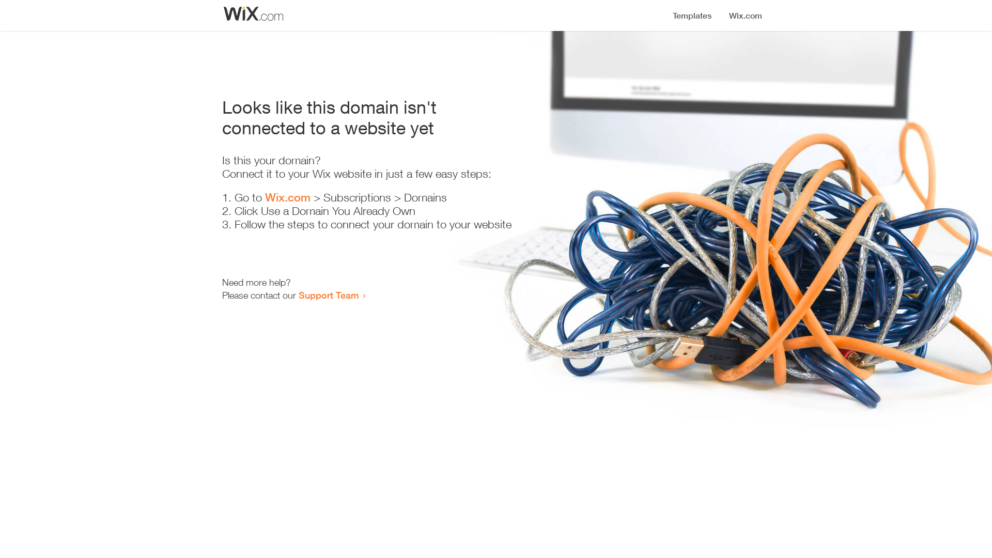 Image resolution: width=992 pixels, height=558 pixels. Describe the element at coordinates (328, 295) in the screenshot. I see `'Support Team'` at that location.